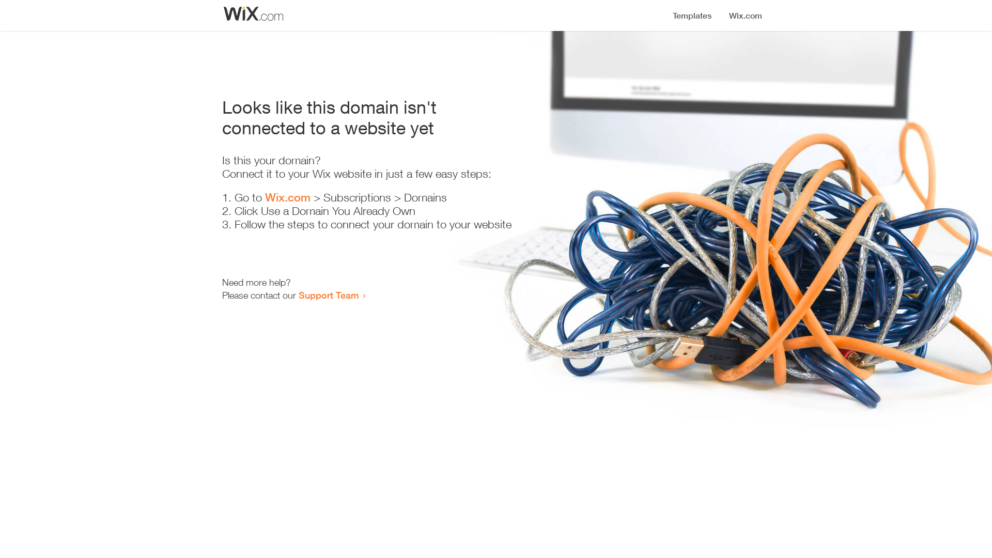 Image resolution: width=992 pixels, height=558 pixels. Describe the element at coordinates (328, 295) in the screenshot. I see `'Support Team'` at that location.